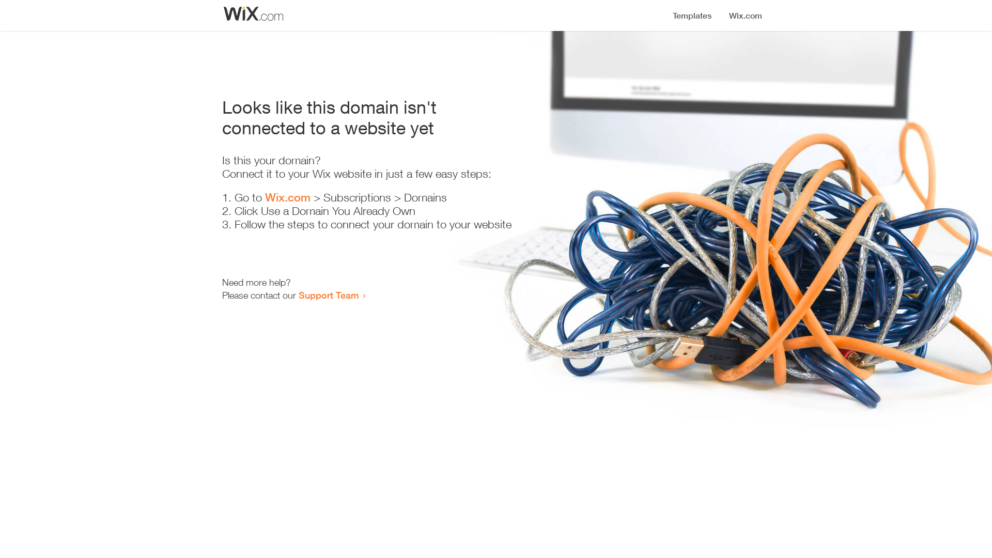 Image resolution: width=992 pixels, height=558 pixels. Describe the element at coordinates (328, 295) in the screenshot. I see `'Support Team'` at that location.